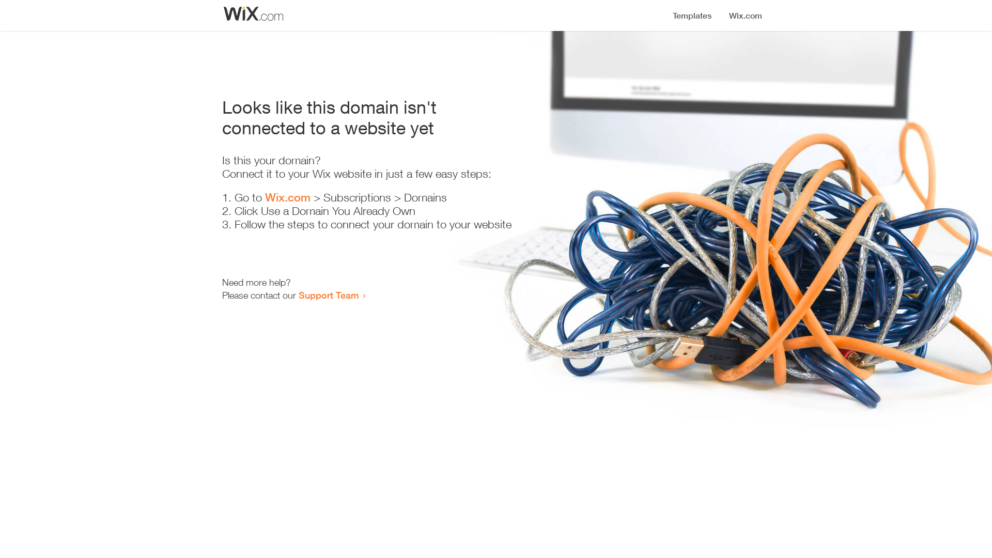 Image resolution: width=992 pixels, height=558 pixels. Describe the element at coordinates (328, 295) in the screenshot. I see `'Support Team'` at that location.